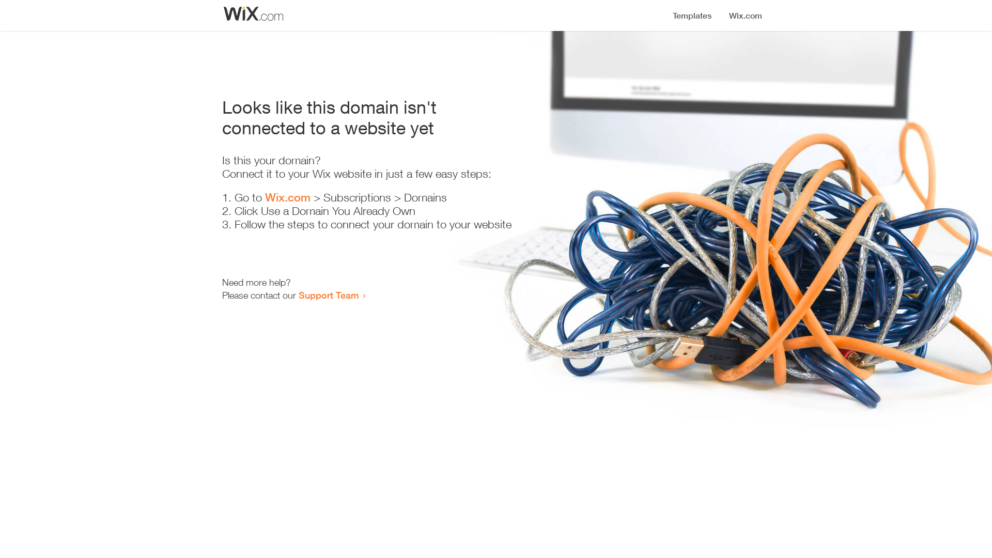 Image resolution: width=992 pixels, height=558 pixels. Describe the element at coordinates (328, 295) in the screenshot. I see `'Support Team'` at that location.